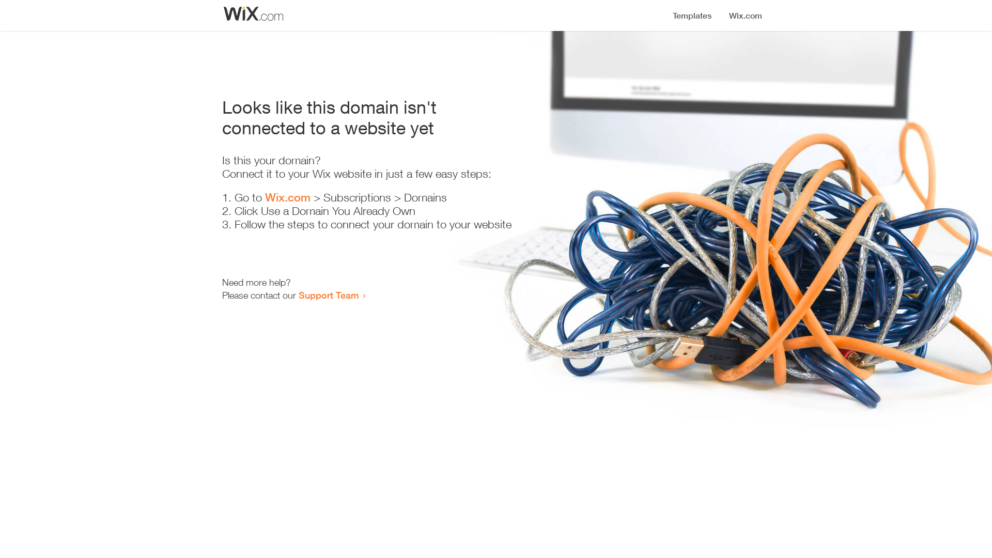 Image resolution: width=992 pixels, height=558 pixels. Describe the element at coordinates (328, 295) in the screenshot. I see `'Support Team'` at that location.